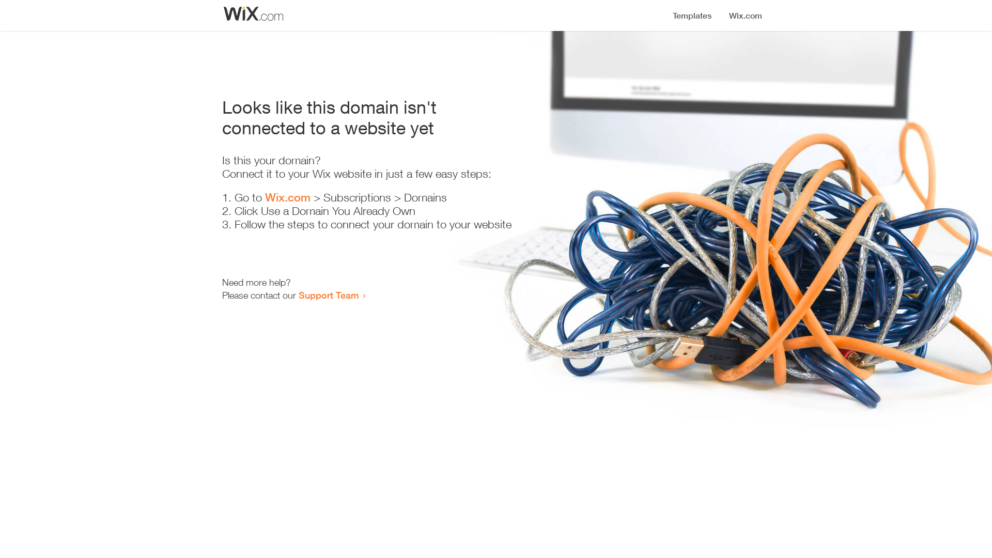 Image resolution: width=992 pixels, height=558 pixels. Describe the element at coordinates (328, 295) in the screenshot. I see `'Support Team'` at that location.